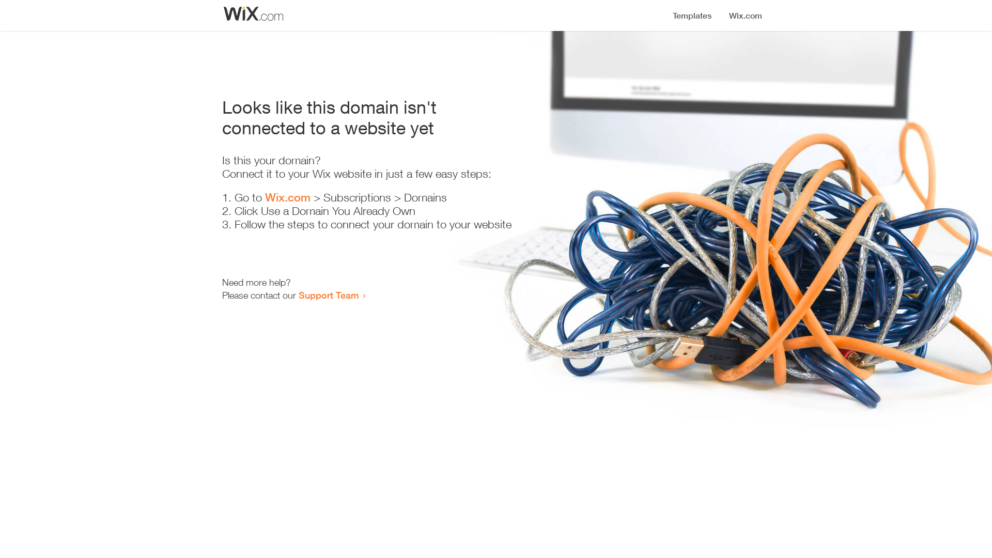 Image resolution: width=992 pixels, height=558 pixels. Describe the element at coordinates (328, 295) in the screenshot. I see `'Support Team'` at that location.